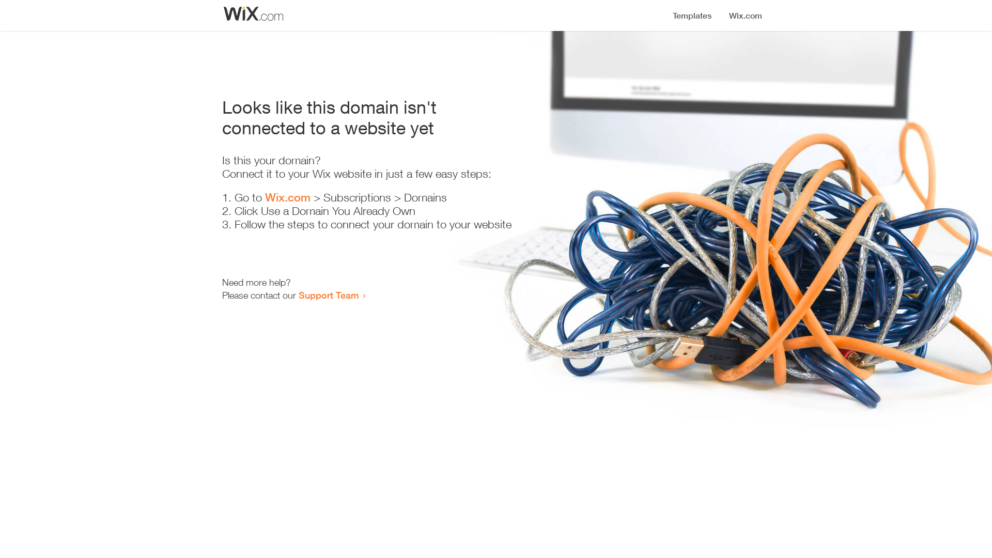 Image resolution: width=992 pixels, height=558 pixels. Describe the element at coordinates (328, 295) in the screenshot. I see `'Support Team'` at that location.